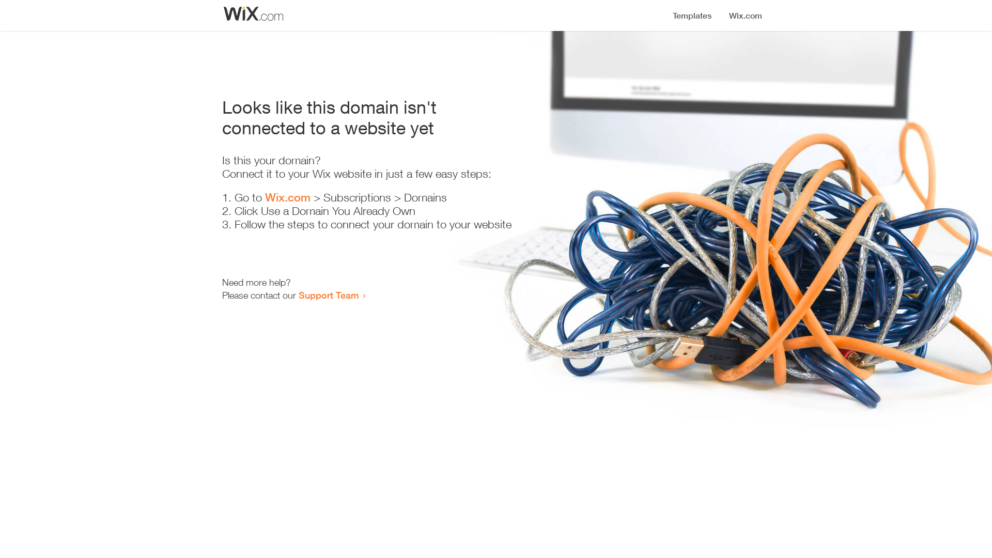 Image resolution: width=992 pixels, height=558 pixels. Describe the element at coordinates (328, 295) in the screenshot. I see `'Support Team'` at that location.